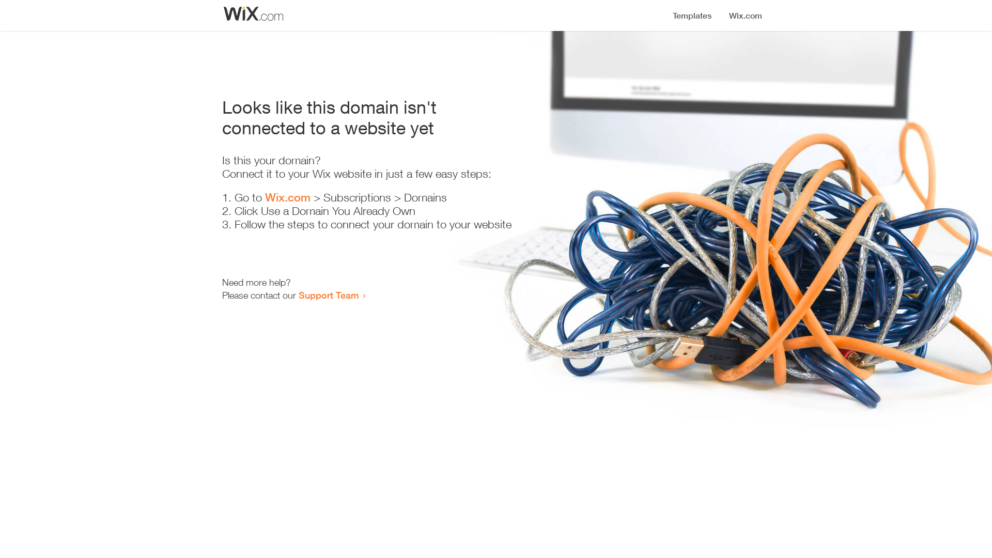 Image resolution: width=992 pixels, height=558 pixels. Describe the element at coordinates (328, 295) in the screenshot. I see `'Support Team'` at that location.